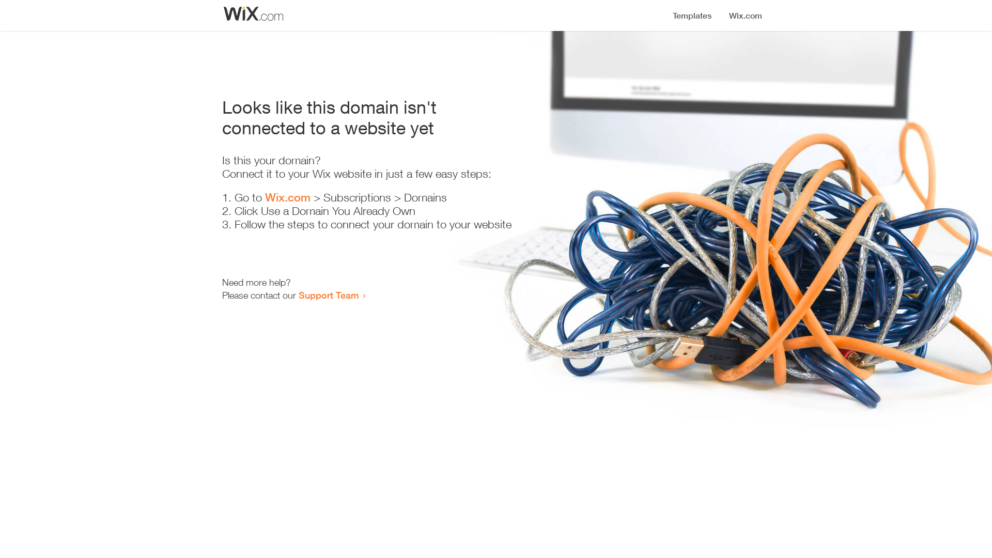 Image resolution: width=992 pixels, height=558 pixels. Describe the element at coordinates (328, 295) in the screenshot. I see `'Support Team'` at that location.